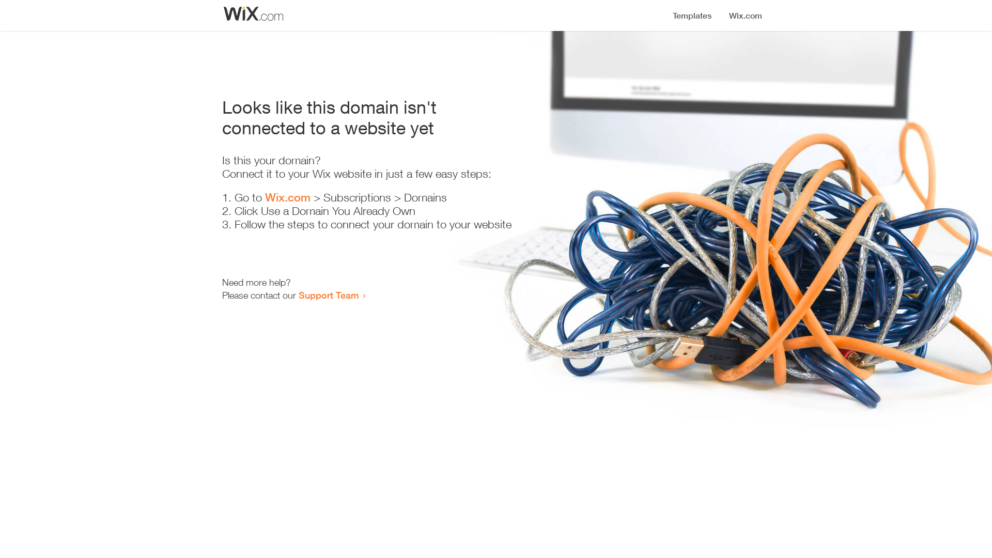 Image resolution: width=992 pixels, height=558 pixels. Describe the element at coordinates (328, 295) in the screenshot. I see `'Support Team'` at that location.